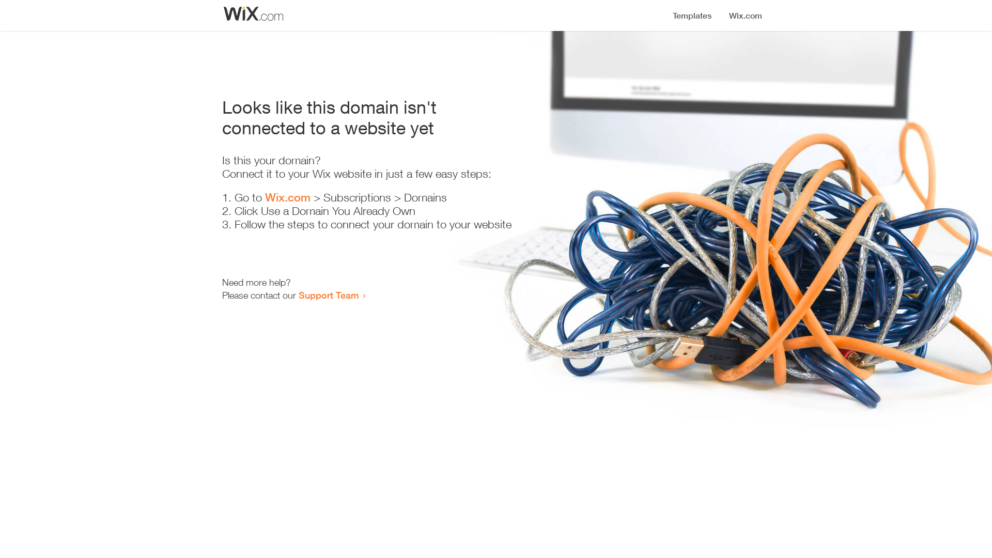 Image resolution: width=992 pixels, height=558 pixels. Describe the element at coordinates (328, 295) in the screenshot. I see `'Support Team'` at that location.